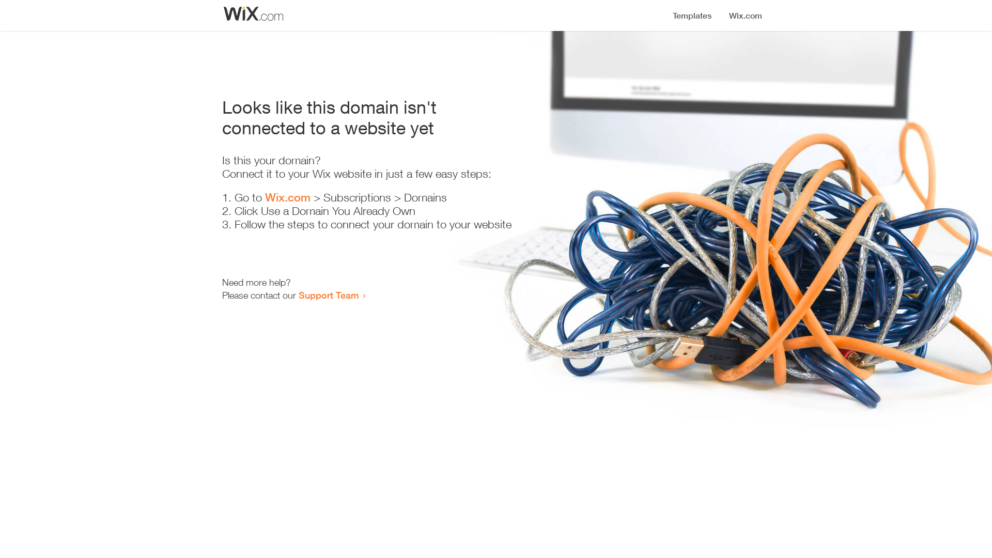 Image resolution: width=992 pixels, height=558 pixels. Describe the element at coordinates (328, 295) in the screenshot. I see `'Support Team'` at that location.